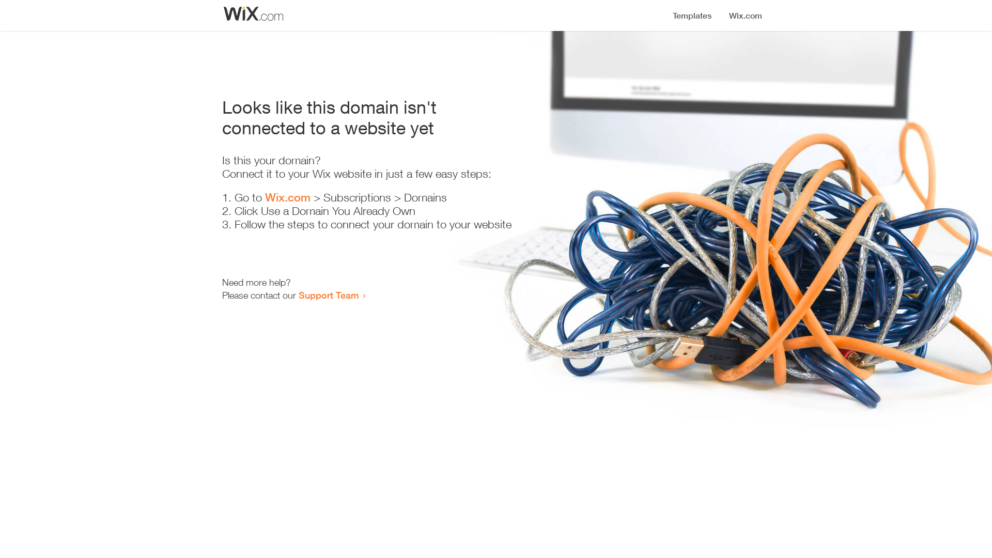 Image resolution: width=992 pixels, height=558 pixels. Describe the element at coordinates (328, 295) in the screenshot. I see `'Support Team'` at that location.